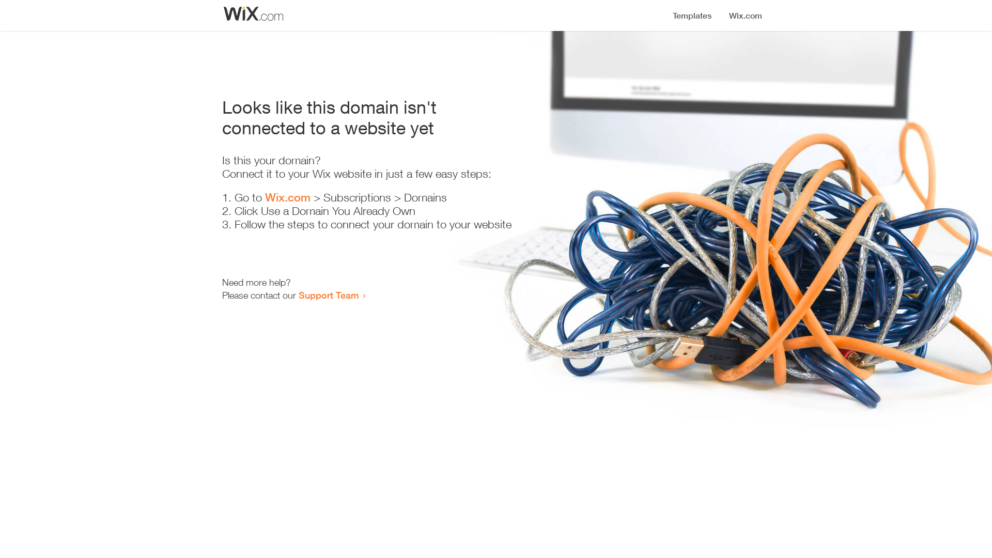 Image resolution: width=992 pixels, height=558 pixels. Describe the element at coordinates (328, 295) in the screenshot. I see `'Support Team'` at that location.